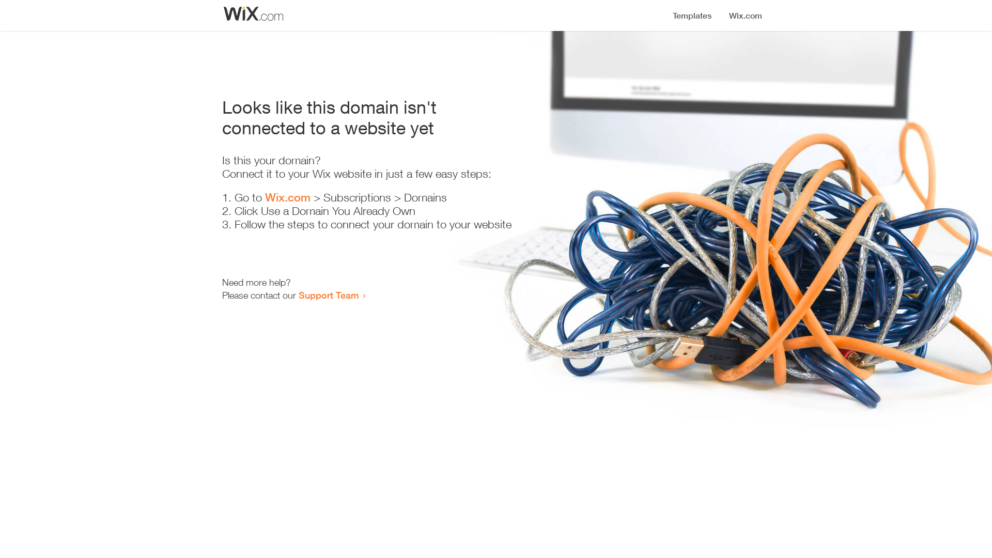 Image resolution: width=992 pixels, height=558 pixels. Describe the element at coordinates (328, 295) in the screenshot. I see `'Support Team'` at that location.